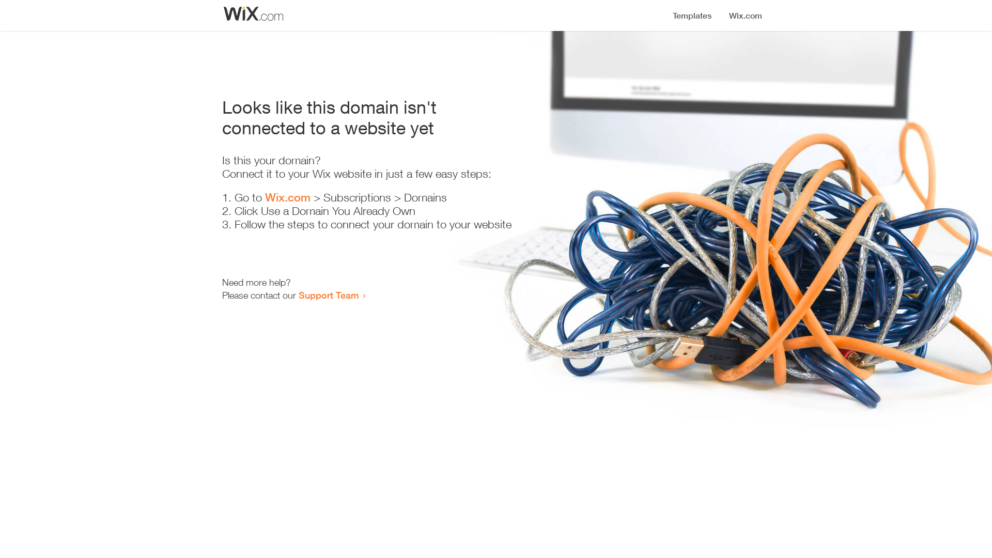 Image resolution: width=992 pixels, height=558 pixels. Describe the element at coordinates (328, 295) in the screenshot. I see `'Support Team'` at that location.